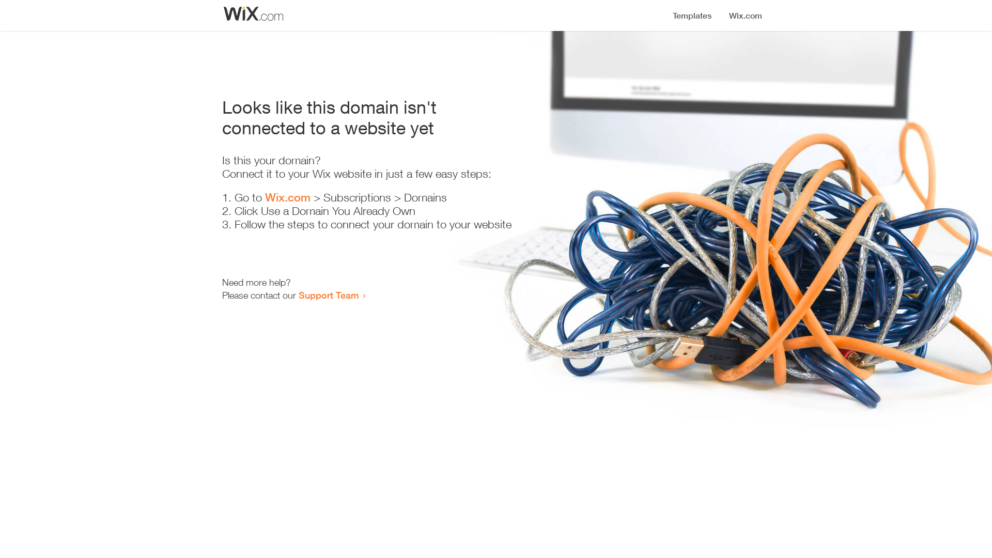 Image resolution: width=992 pixels, height=558 pixels. Describe the element at coordinates (328, 295) in the screenshot. I see `'Support Team'` at that location.